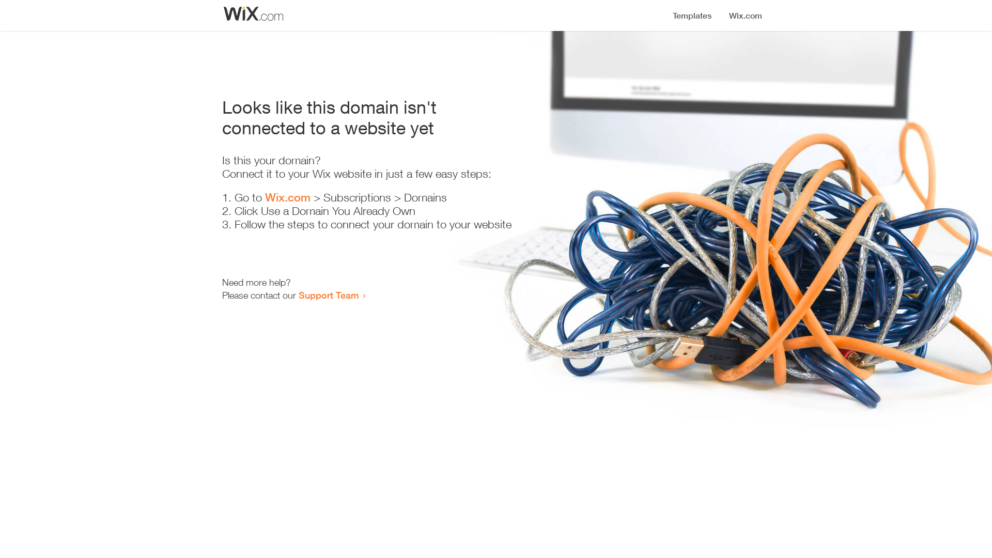 Image resolution: width=992 pixels, height=558 pixels. Describe the element at coordinates (328, 295) in the screenshot. I see `'Support Team'` at that location.